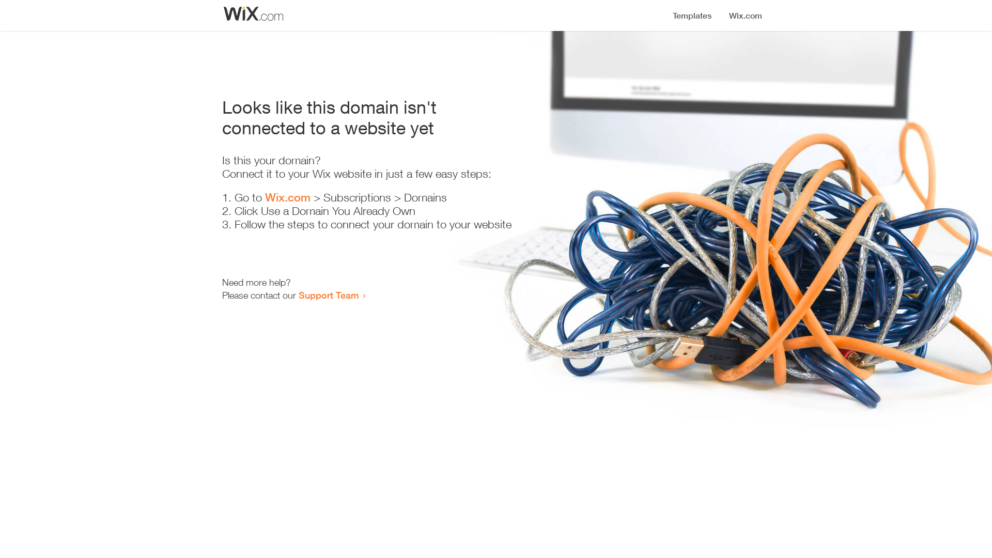 Image resolution: width=992 pixels, height=558 pixels. Describe the element at coordinates (328, 295) in the screenshot. I see `'Support Team'` at that location.